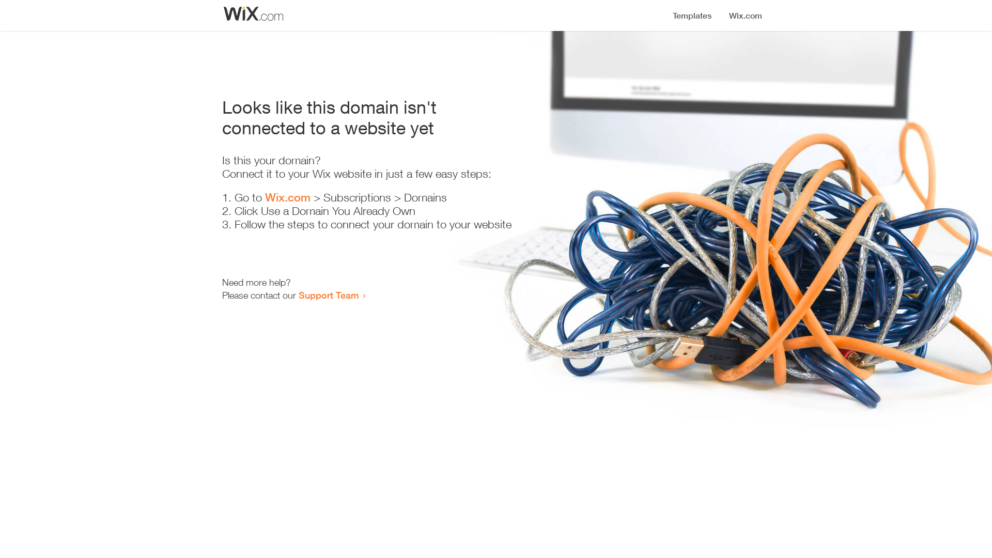 Image resolution: width=992 pixels, height=558 pixels. Describe the element at coordinates (328, 295) in the screenshot. I see `'Support Team'` at that location.